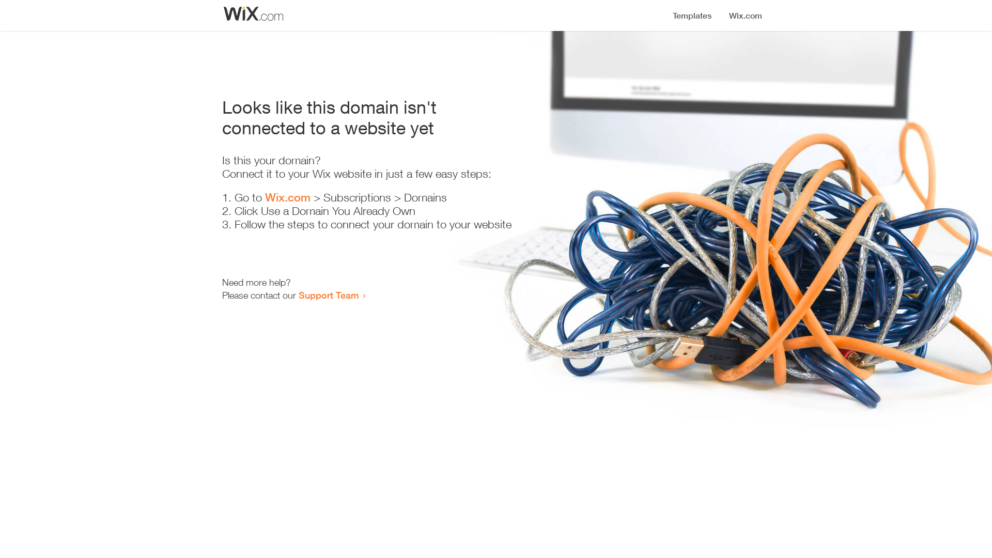 Image resolution: width=992 pixels, height=558 pixels. Describe the element at coordinates (328, 295) in the screenshot. I see `'Support Team'` at that location.